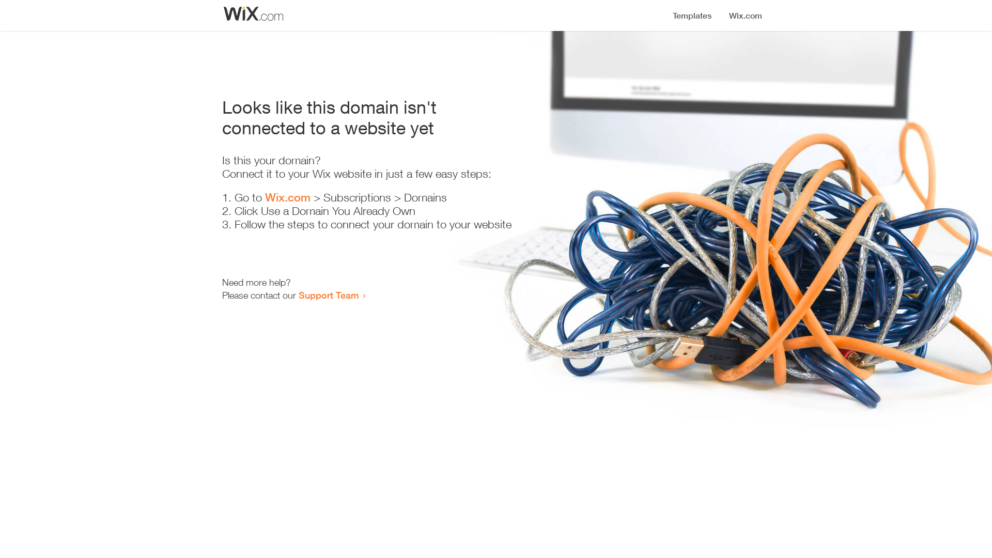 Image resolution: width=992 pixels, height=558 pixels. Describe the element at coordinates (328, 295) in the screenshot. I see `'Support Team'` at that location.